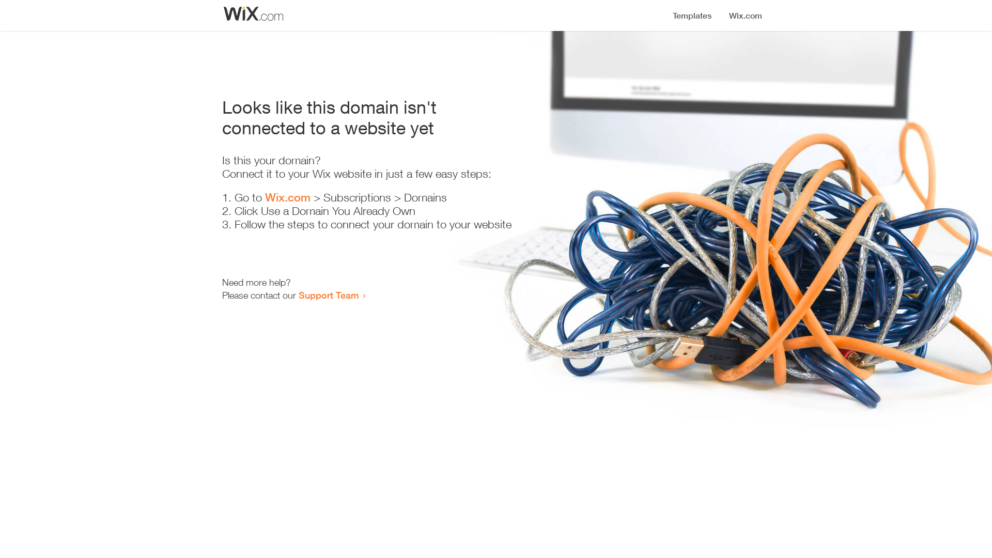 Image resolution: width=992 pixels, height=558 pixels. Describe the element at coordinates (328, 295) in the screenshot. I see `'Support Team'` at that location.